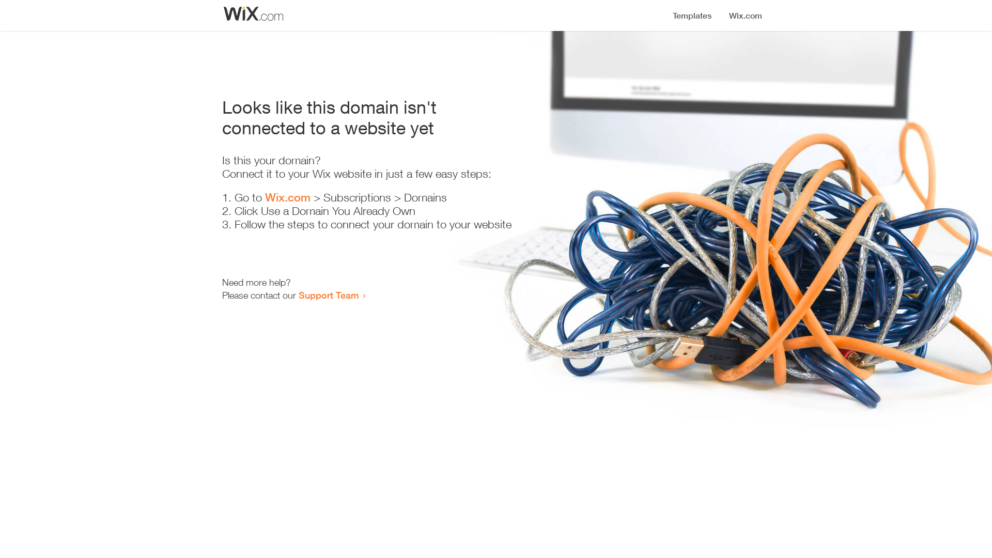 Image resolution: width=992 pixels, height=558 pixels. Describe the element at coordinates (328, 295) in the screenshot. I see `'Support Team'` at that location.